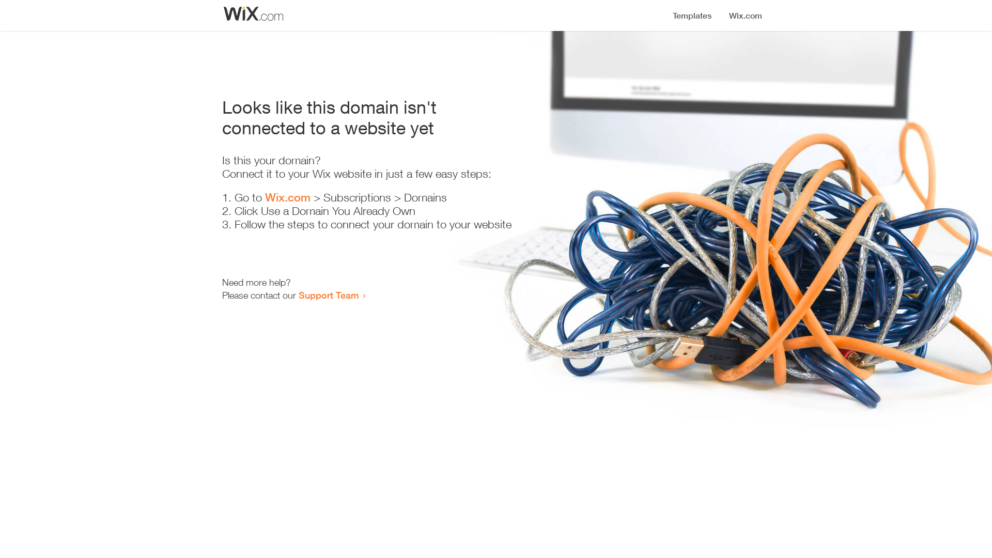 Image resolution: width=992 pixels, height=558 pixels. Describe the element at coordinates (328, 295) in the screenshot. I see `'Support Team'` at that location.